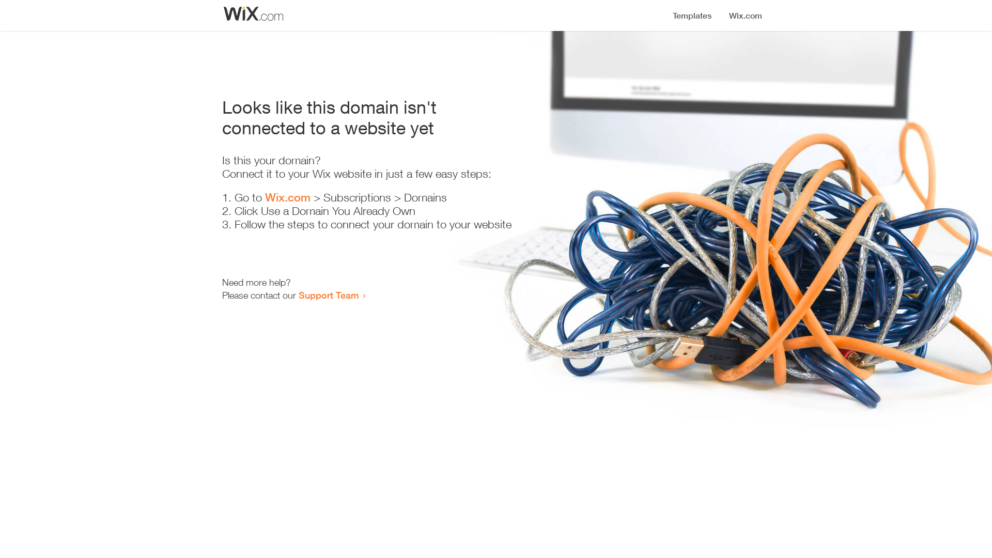 Image resolution: width=992 pixels, height=558 pixels. Describe the element at coordinates (328, 295) in the screenshot. I see `'Support Team'` at that location.